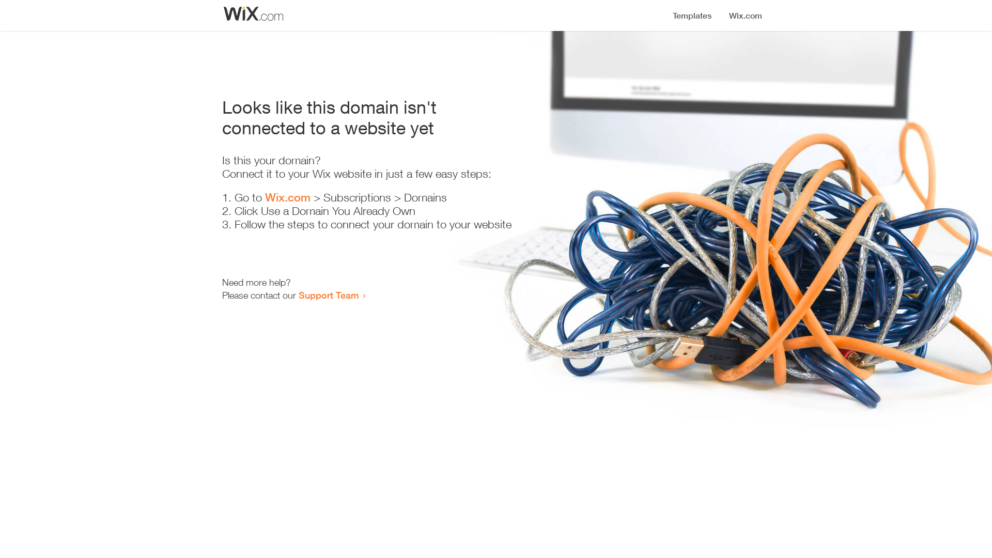 Image resolution: width=992 pixels, height=558 pixels. Describe the element at coordinates (328, 295) in the screenshot. I see `'Support Team'` at that location.